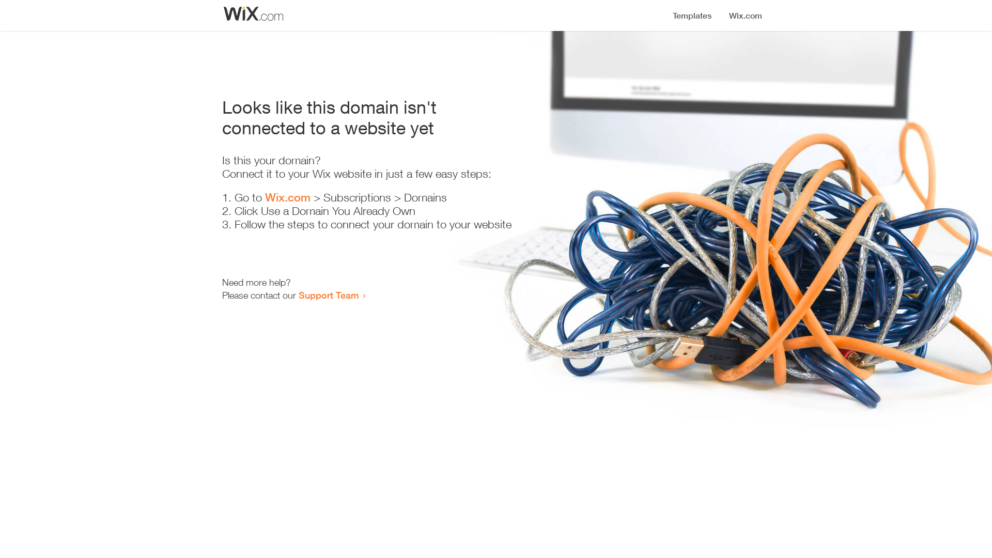 Image resolution: width=992 pixels, height=558 pixels. Describe the element at coordinates (328, 295) in the screenshot. I see `'Support Team'` at that location.